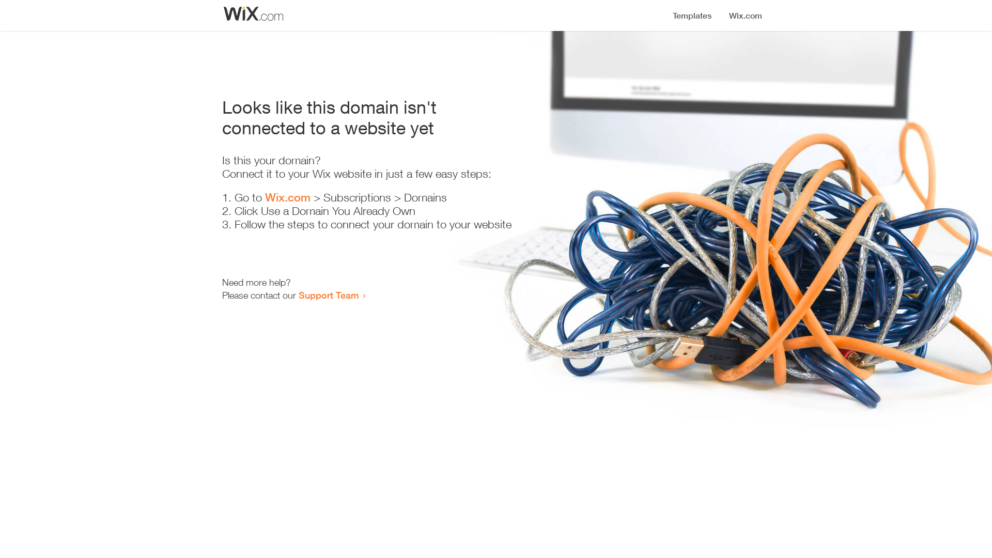 Image resolution: width=992 pixels, height=558 pixels. Describe the element at coordinates (328, 295) in the screenshot. I see `'Support Team'` at that location.